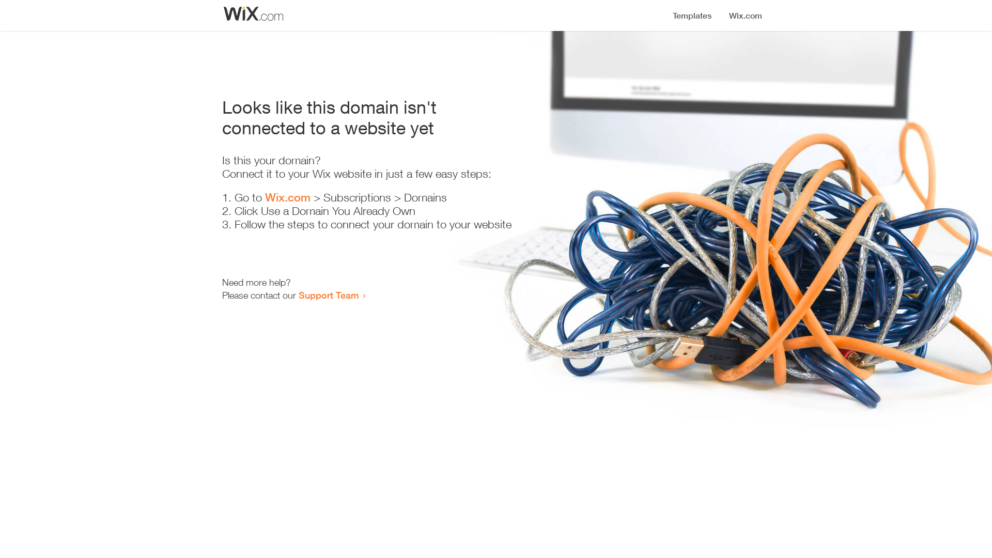 Image resolution: width=992 pixels, height=558 pixels. Describe the element at coordinates (328, 295) in the screenshot. I see `'Support Team'` at that location.